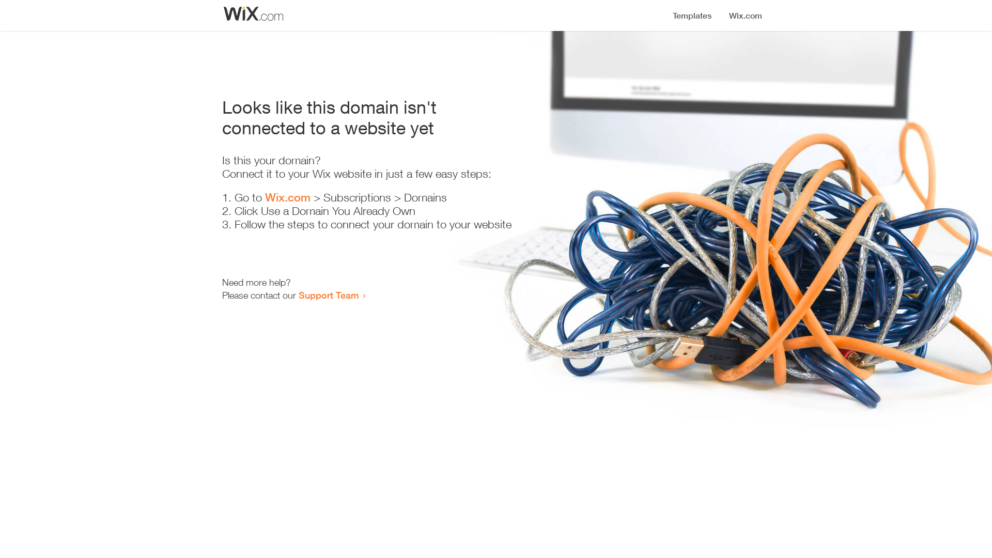 Image resolution: width=992 pixels, height=558 pixels. Describe the element at coordinates (328, 295) in the screenshot. I see `'Support Team'` at that location.